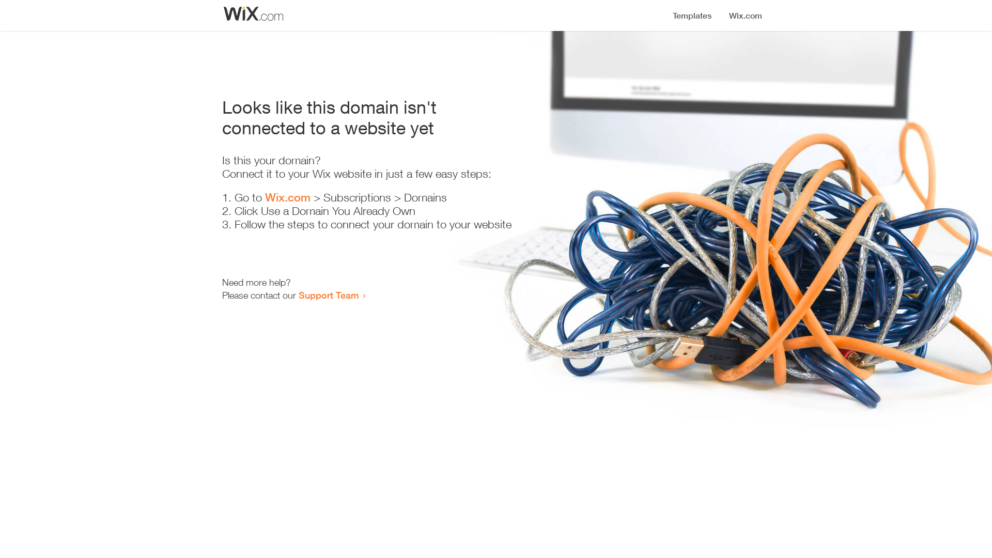 Image resolution: width=992 pixels, height=558 pixels. Describe the element at coordinates (328, 295) in the screenshot. I see `'Support Team'` at that location.